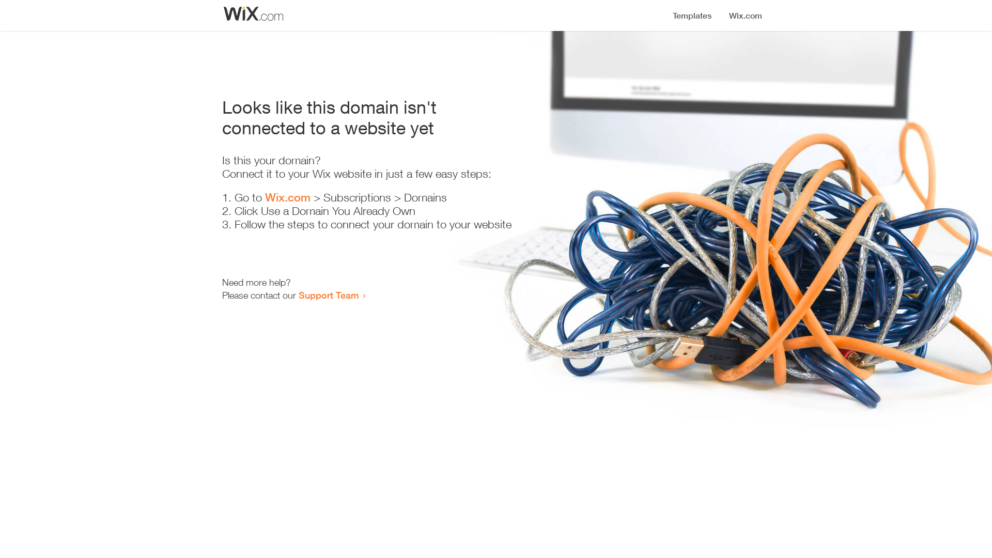 Image resolution: width=992 pixels, height=558 pixels. Describe the element at coordinates (328, 295) in the screenshot. I see `'Support Team'` at that location.